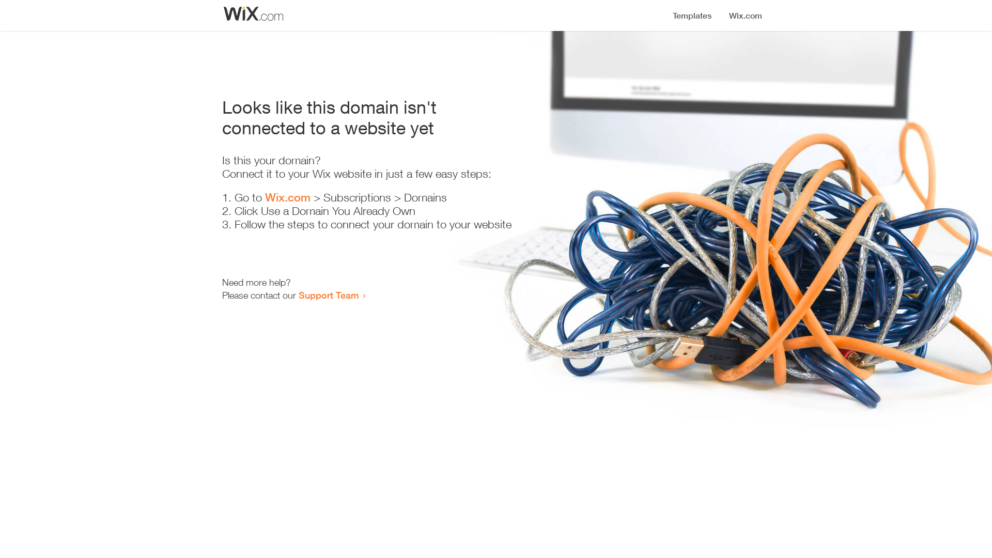 Image resolution: width=992 pixels, height=558 pixels. Describe the element at coordinates (328, 295) in the screenshot. I see `'Support Team'` at that location.